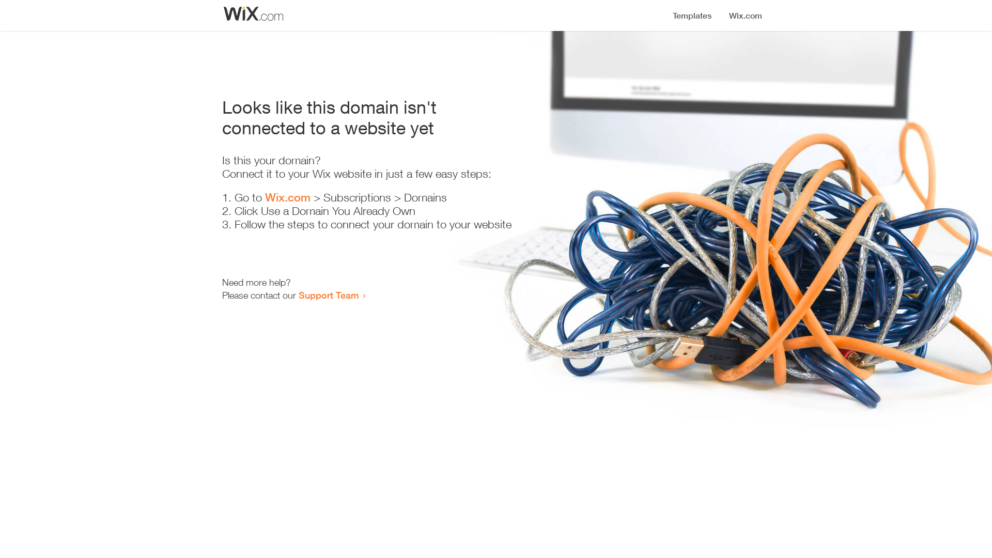 Image resolution: width=992 pixels, height=558 pixels. Describe the element at coordinates (328, 295) in the screenshot. I see `'Support Team'` at that location.